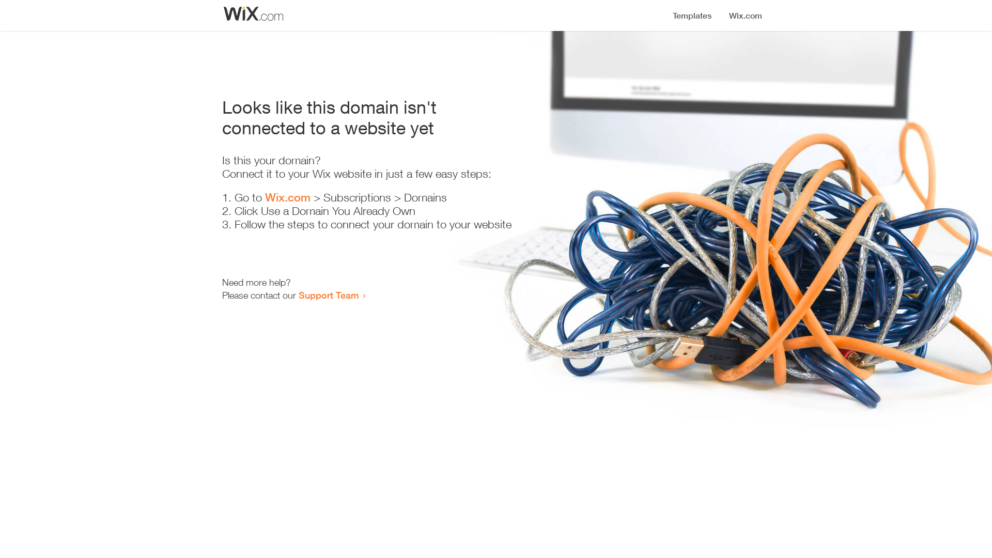 Image resolution: width=992 pixels, height=558 pixels. Describe the element at coordinates (328, 295) in the screenshot. I see `'Support Team'` at that location.